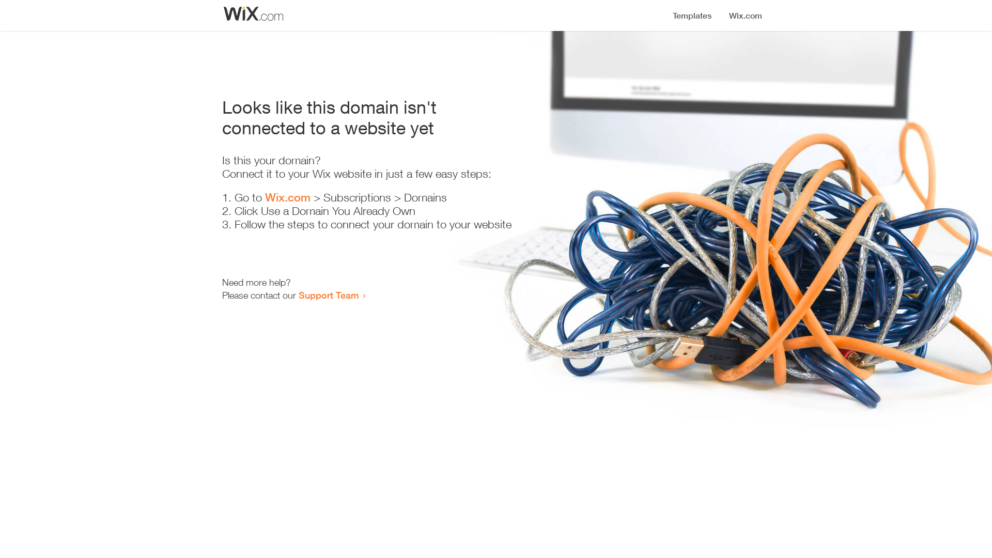 Image resolution: width=992 pixels, height=558 pixels. Describe the element at coordinates (328, 295) in the screenshot. I see `'Support Team'` at that location.